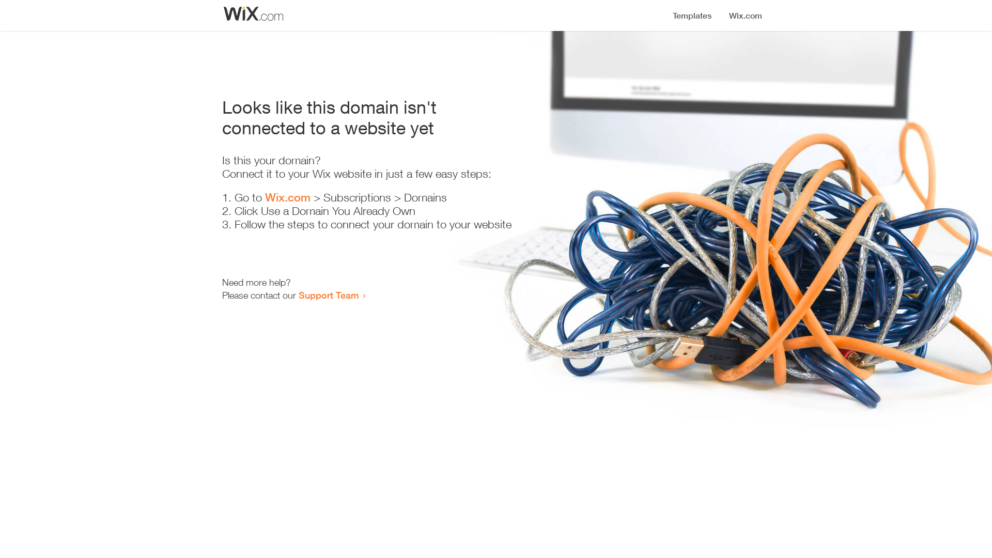 Image resolution: width=992 pixels, height=558 pixels. Describe the element at coordinates (328, 295) in the screenshot. I see `'Support Team'` at that location.